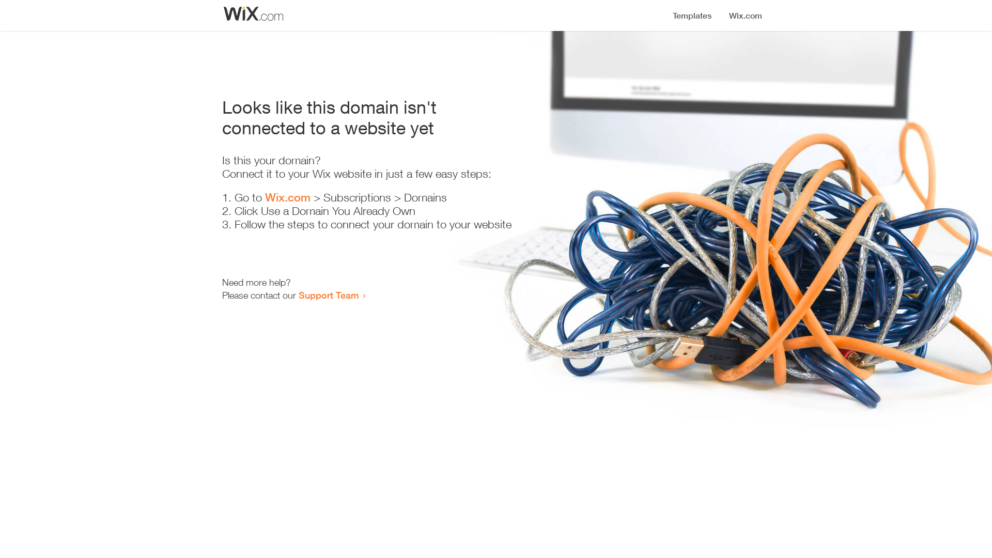 Image resolution: width=992 pixels, height=558 pixels. Describe the element at coordinates (328, 295) in the screenshot. I see `'Support Team'` at that location.